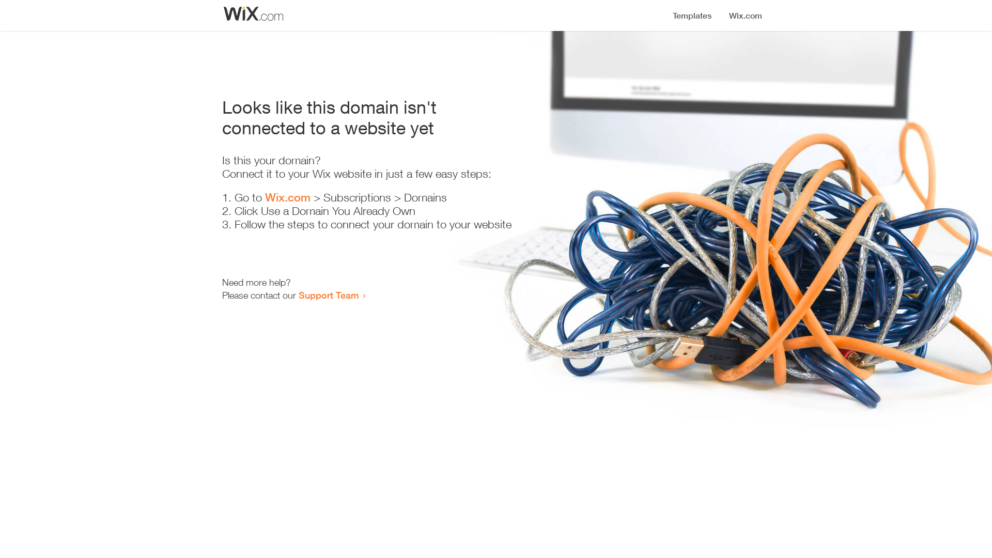 Image resolution: width=992 pixels, height=558 pixels. Describe the element at coordinates (328, 295) in the screenshot. I see `'Support Team'` at that location.